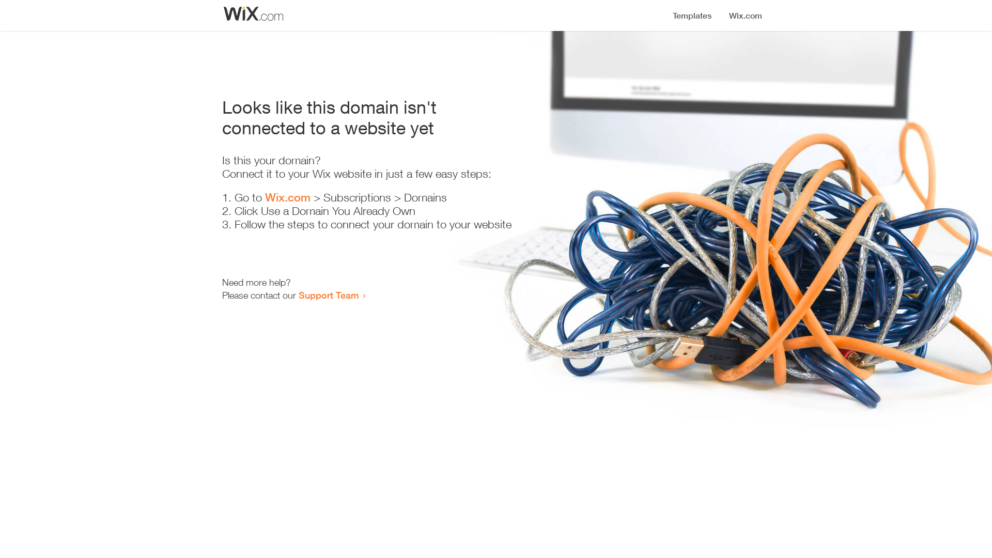 Image resolution: width=992 pixels, height=558 pixels. Describe the element at coordinates (328, 295) in the screenshot. I see `'Support Team'` at that location.